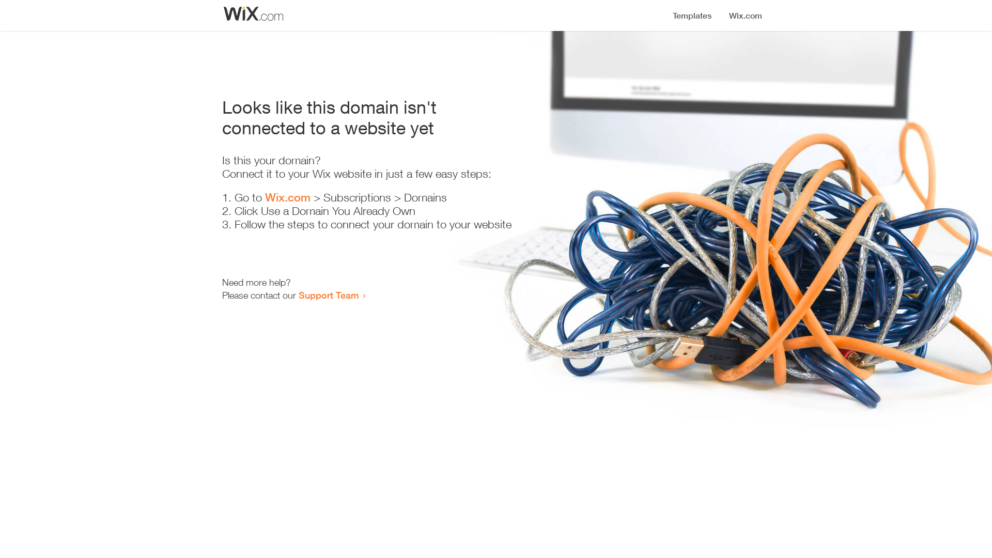 Image resolution: width=992 pixels, height=558 pixels. Describe the element at coordinates (328, 295) in the screenshot. I see `'Support Team'` at that location.